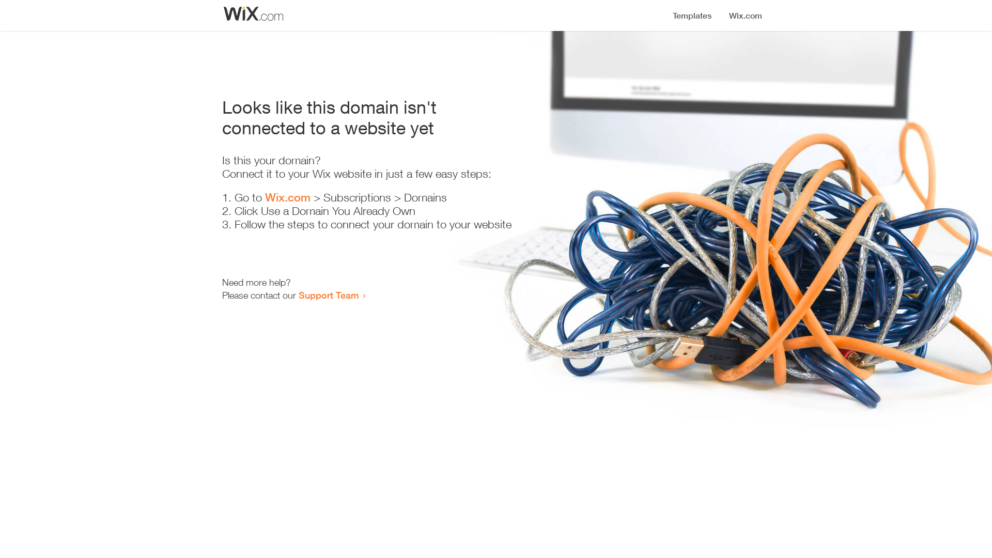 Image resolution: width=992 pixels, height=558 pixels. Describe the element at coordinates (328, 295) in the screenshot. I see `'Support Team'` at that location.